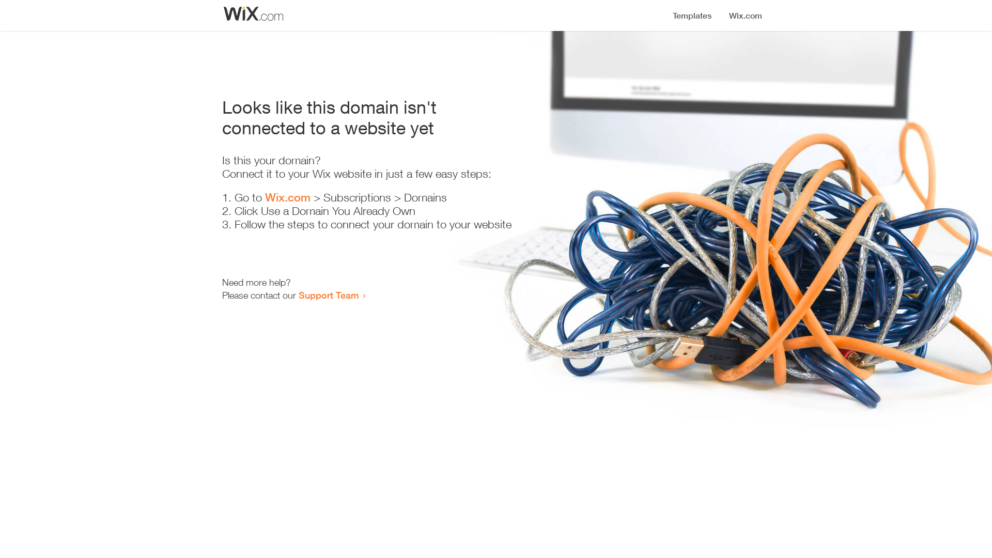 Image resolution: width=992 pixels, height=558 pixels. Describe the element at coordinates (328, 295) in the screenshot. I see `'Support Team'` at that location.